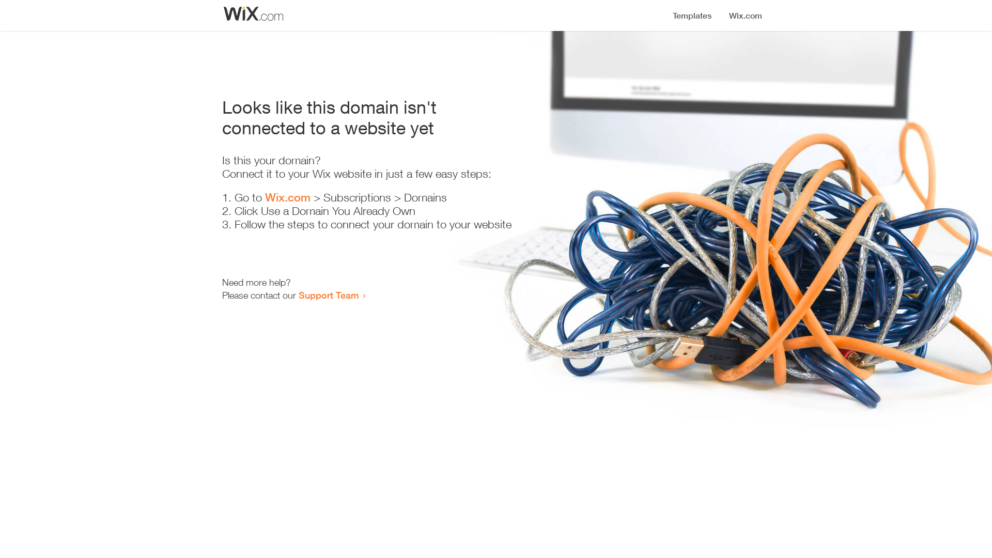 Image resolution: width=992 pixels, height=558 pixels. Describe the element at coordinates (328, 295) in the screenshot. I see `'Support Team'` at that location.